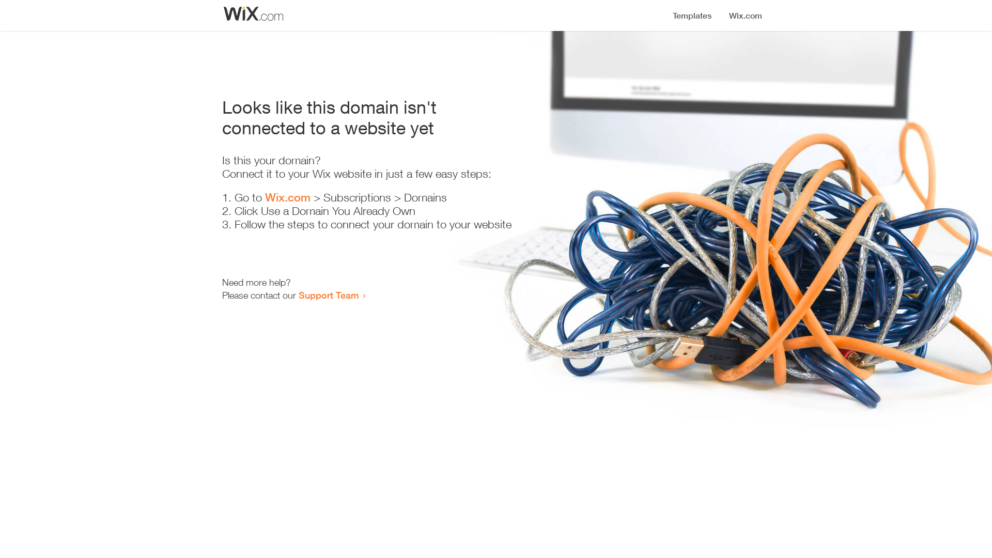 Image resolution: width=992 pixels, height=558 pixels. Describe the element at coordinates (328, 295) in the screenshot. I see `'Support Team'` at that location.